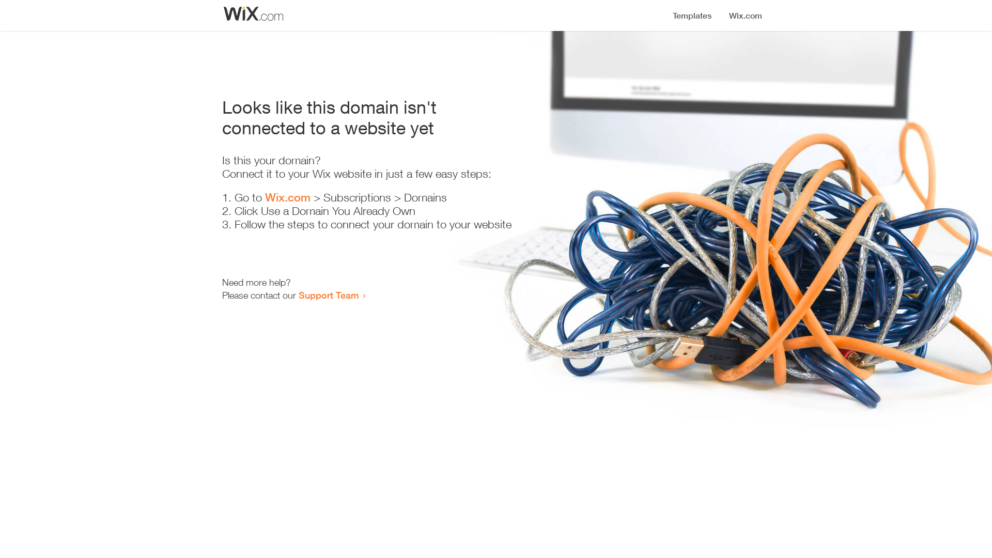 Image resolution: width=992 pixels, height=558 pixels. Describe the element at coordinates (328, 295) in the screenshot. I see `'Support Team'` at that location.